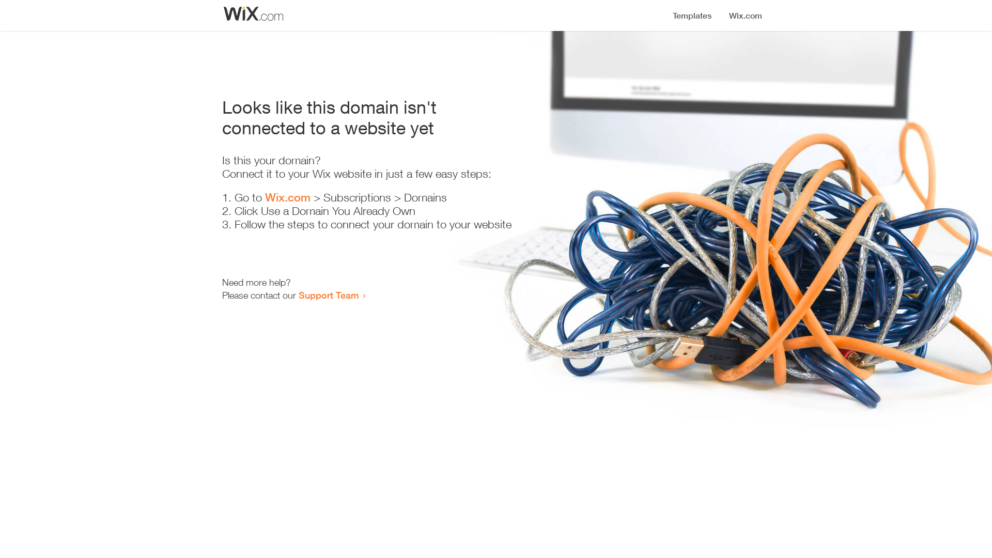 Image resolution: width=992 pixels, height=558 pixels. Describe the element at coordinates (328, 295) in the screenshot. I see `'Support Team'` at that location.